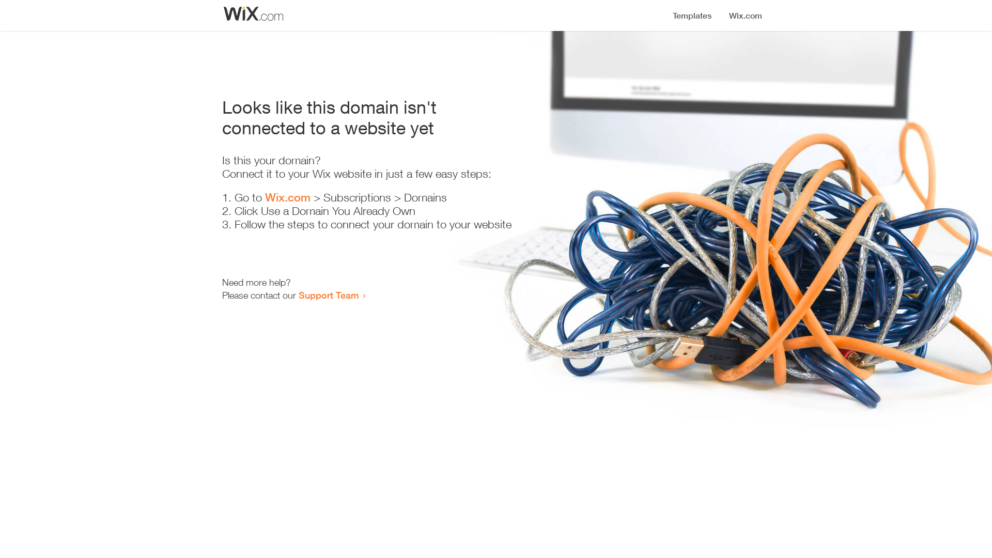 Image resolution: width=992 pixels, height=558 pixels. Describe the element at coordinates (328, 295) in the screenshot. I see `'Support Team'` at that location.